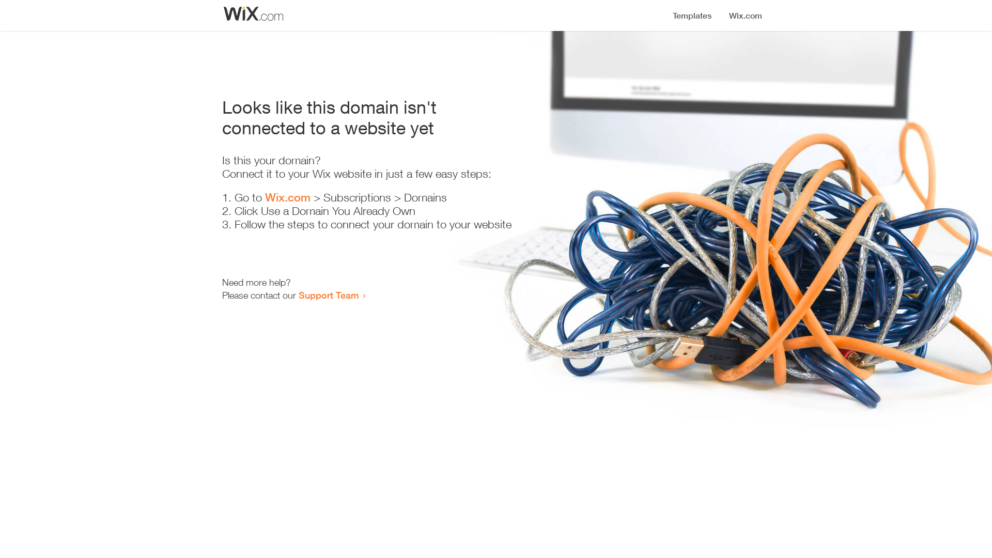 Image resolution: width=992 pixels, height=558 pixels. Describe the element at coordinates (328, 295) in the screenshot. I see `'Support Team'` at that location.